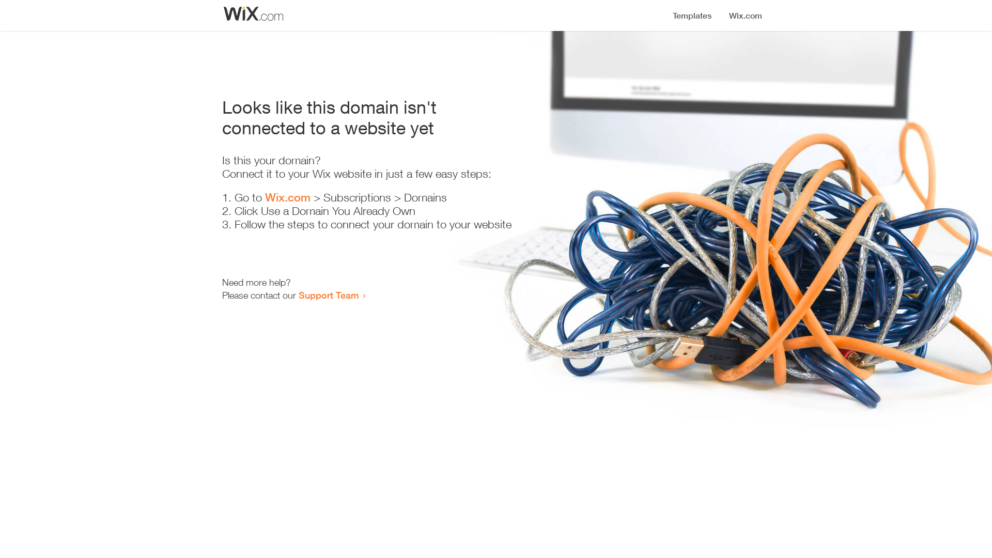 Image resolution: width=992 pixels, height=558 pixels. Describe the element at coordinates (328, 295) in the screenshot. I see `'Support Team'` at that location.